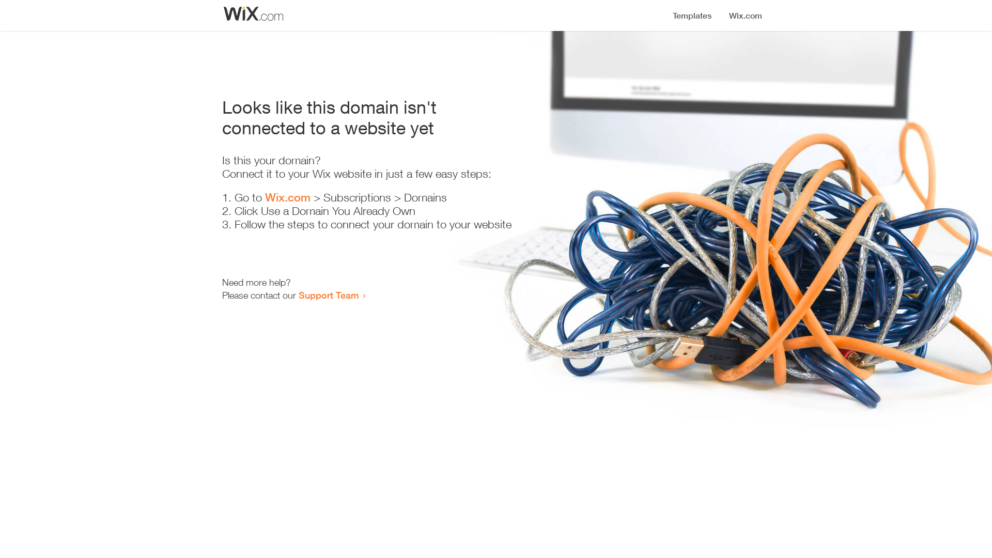 Image resolution: width=992 pixels, height=558 pixels. Describe the element at coordinates (328, 295) in the screenshot. I see `'Support Team'` at that location.